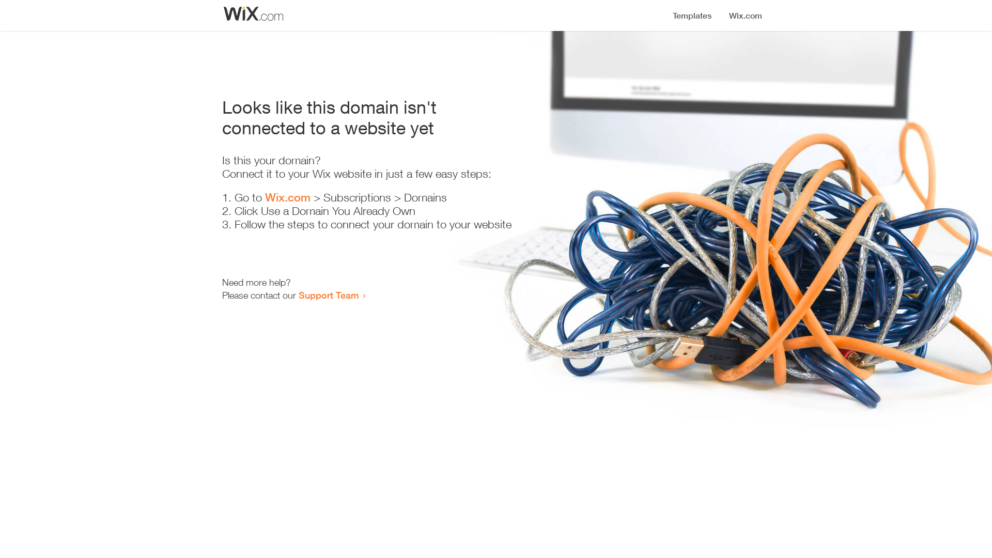 Image resolution: width=992 pixels, height=558 pixels. Describe the element at coordinates (328, 295) in the screenshot. I see `'Support Team'` at that location.